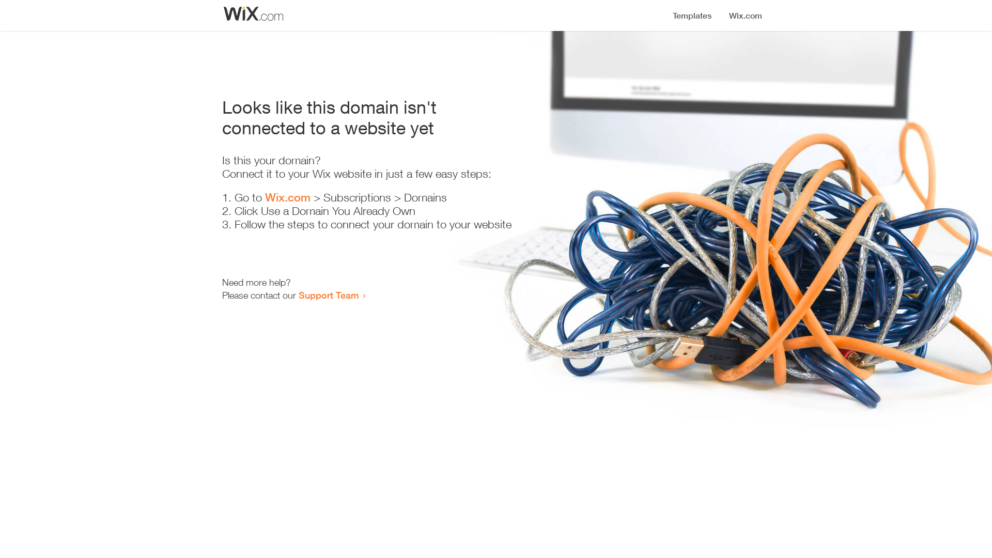 Image resolution: width=992 pixels, height=558 pixels. Describe the element at coordinates (328, 295) in the screenshot. I see `'Support Team'` at that location.